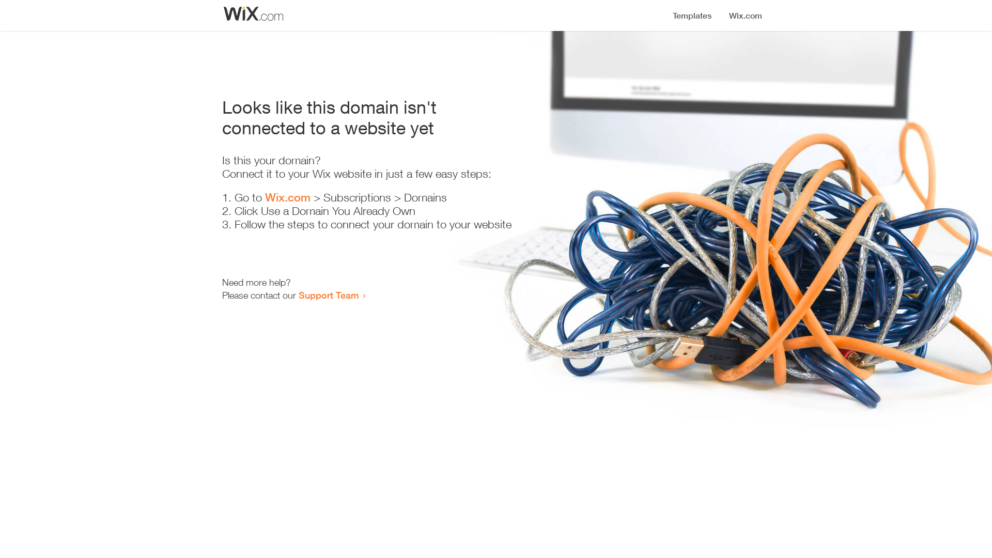 Image resolution: width=992 pixels, height=558 pixels. Describe the element at coordinates (328, 295) in the screenshot. I see `'Support Team'` at that location.